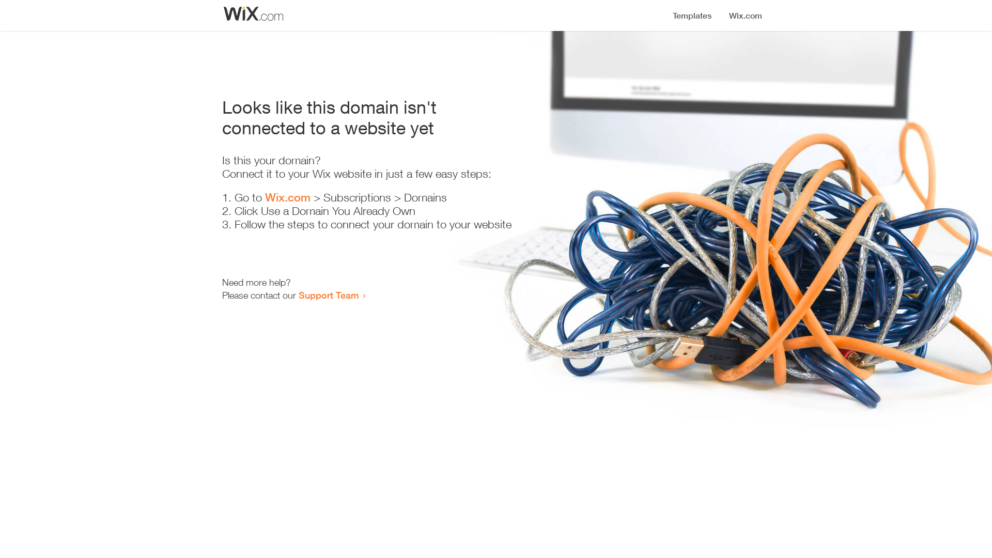 Image resolution: width=992 pixels, height=558 pixels. Describe the element at coordinates (328, 295) in the screenshot. I see `'Support Team'` at that location.